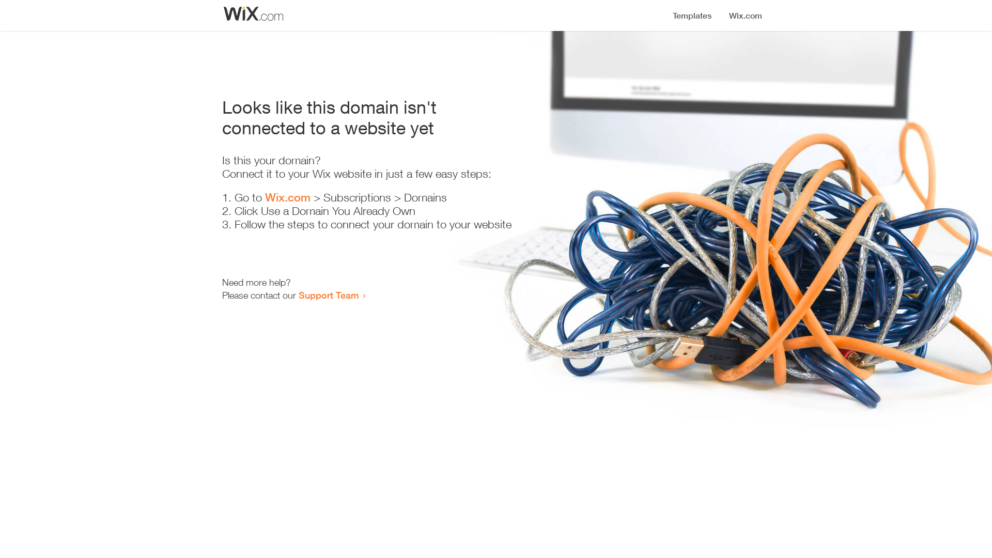 Image resolution: width=992 pixels, height=558 pixels. Describe the element at coordinates (328, 295) in the screenshot. I see `'Support Team'` at that location.